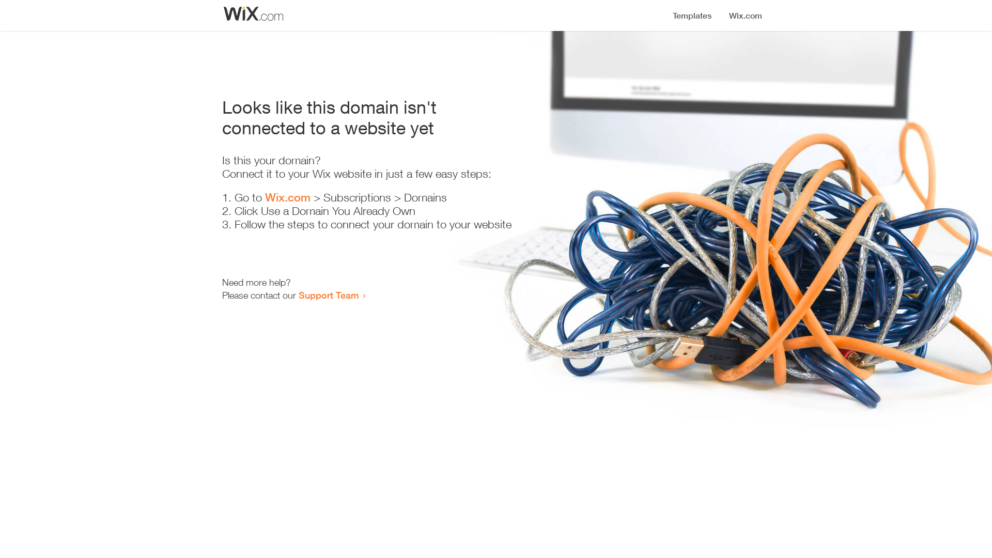 Image resolution: width=992 pixels, height=558 pixels. Describe the element at coordinates (328, 295) in the screenshot. I see `'Support Team'` at that location.